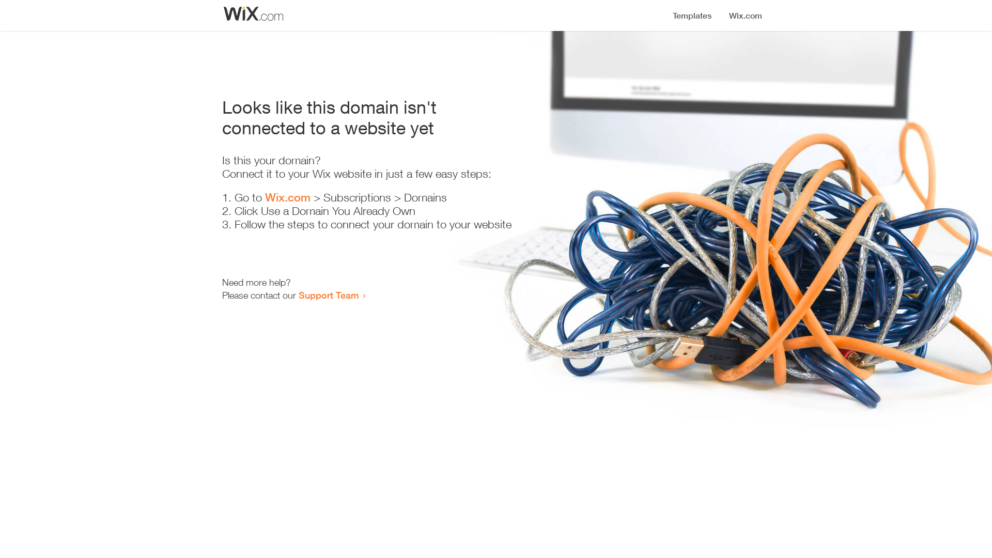 Image resolution: width=992 pixels, height=558 pixels. Describe the element at coordinates (328, 295) in the screenshot. I see `'Support Team'` at that location.